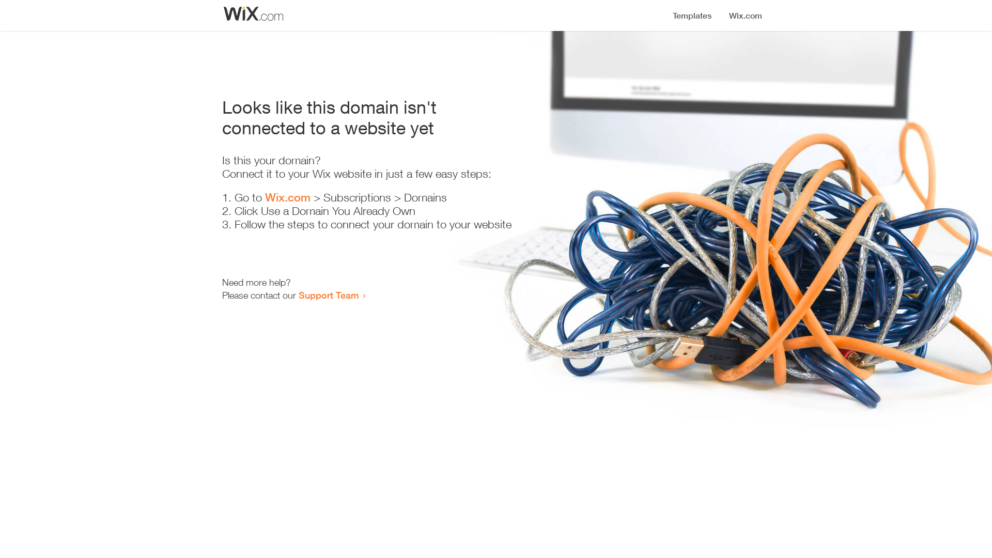 Image resolution: width=992 pixels, height=558 pixels. Describe the element at coordinates (328, 295) in the screenshot. I see `'Support Team'` at that location.